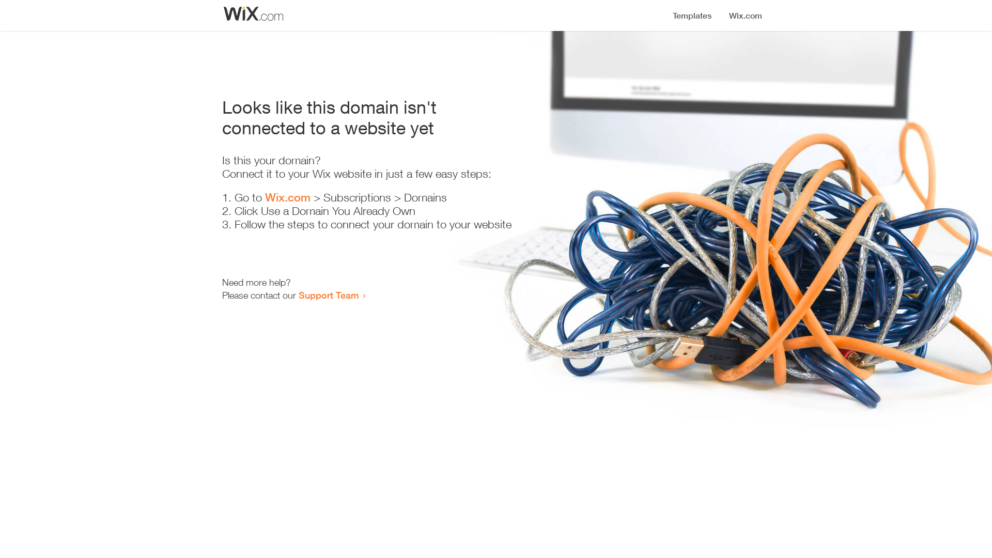 Image resolution: width=992 pixels, height=558 pixels. Describe the element at coordinates (328, 295) in the screenshot. I see `'Support Team'` at that location.